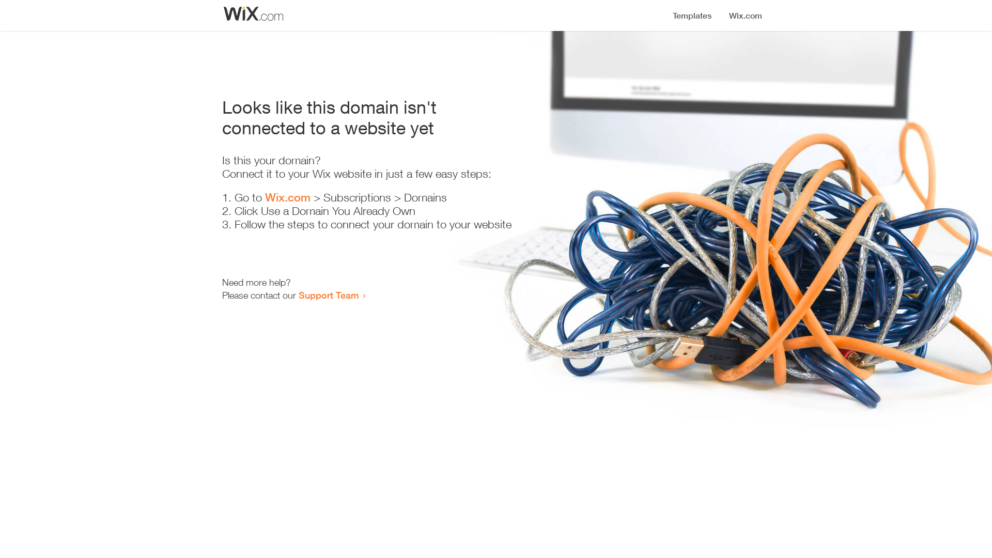 Image resolution: width=992 pixels, height=558 pixels. Describe the element at coordinates (328, 295) in the screenshot. I see `'Support Team'` at that location.